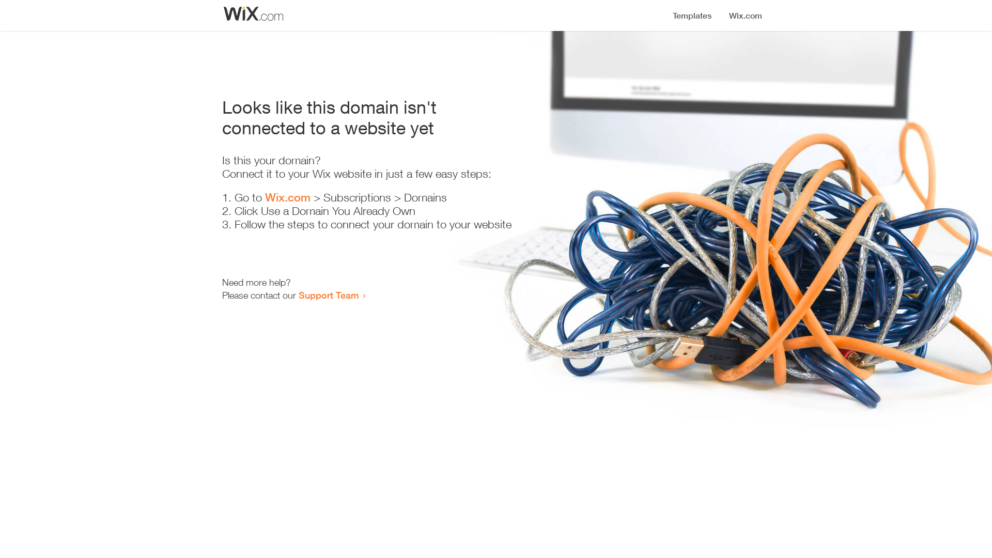 Image resolution: width=992 pixels, height=558 pixels. Describe the element at coordinates (328, 295) in the screenshot. I see `'Support Team'` at that location.